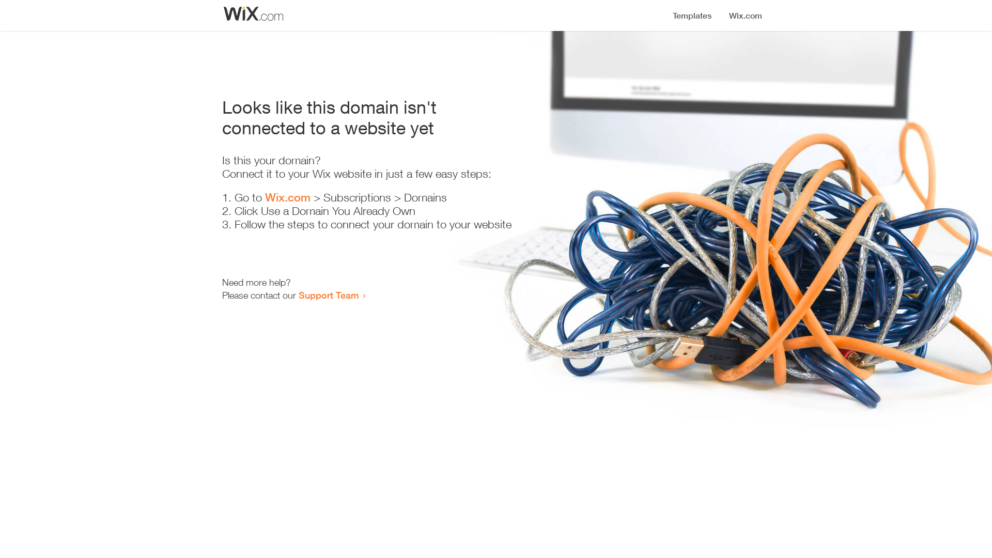 Image resolution: width=992 pixels, height=558 pixels. Describe the element at coordinates (328, 295) in the screenshot. I see `'Support Team'` at that location.